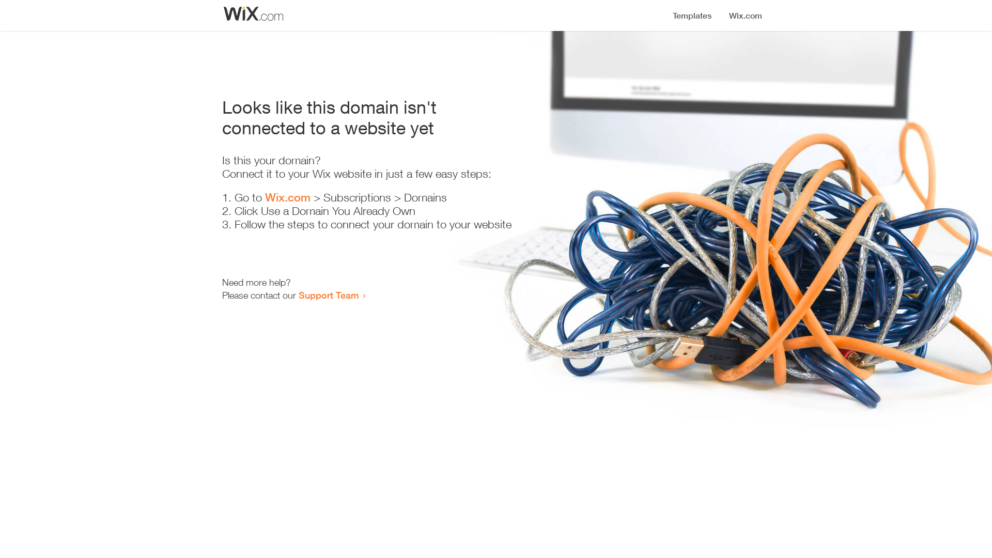 Image resolution: width=992 pixels, height=558 pixels. Describe the element at coordinates (328, 295) in the screenshot. I see `'Support Team'` at that location.